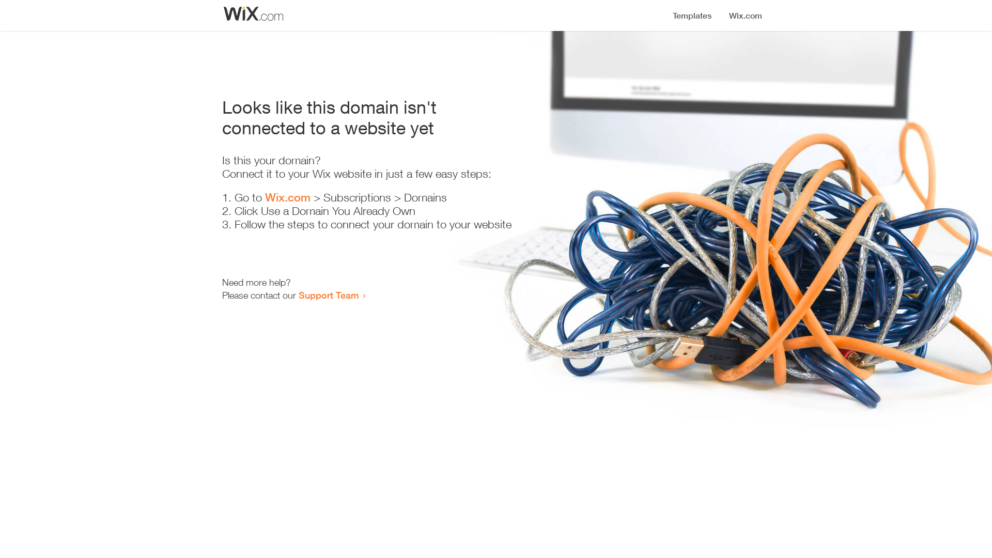 Image resolution: width=992 pixels, height=558 pixels. Describe the element at coordinates (328, 295) in the screenshot. I see `'Support Team'` at that location.